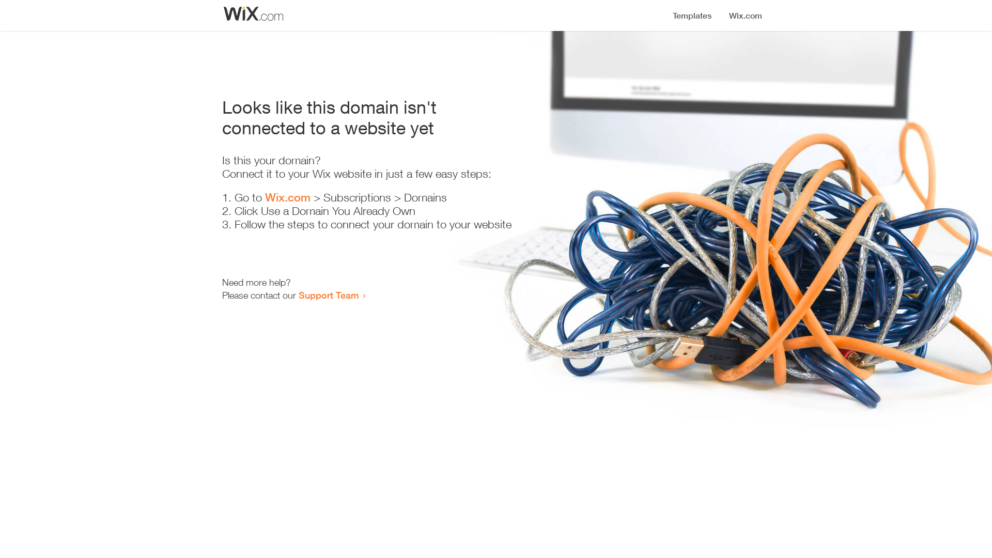 Image resolution: width=992 pixels, height=558 pixels. Describe the element at coordinates (328, 295) in the screenshot. I see `'Support Team'` at that location.